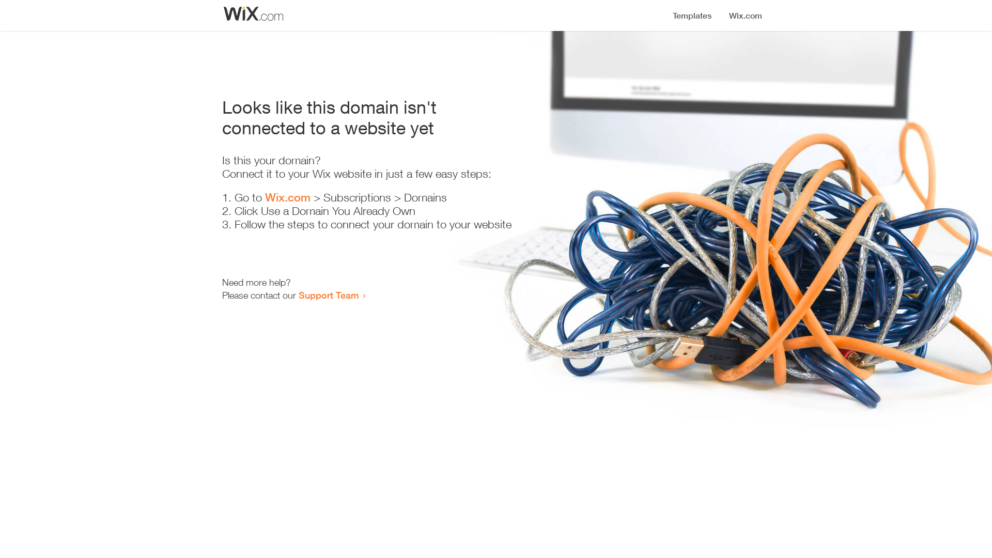 Image resolution: width=992 pixels, height=558 pixels. Describe the element at coordinates (328, 295) in the screenshot. I see `'Support Team'` at that location.